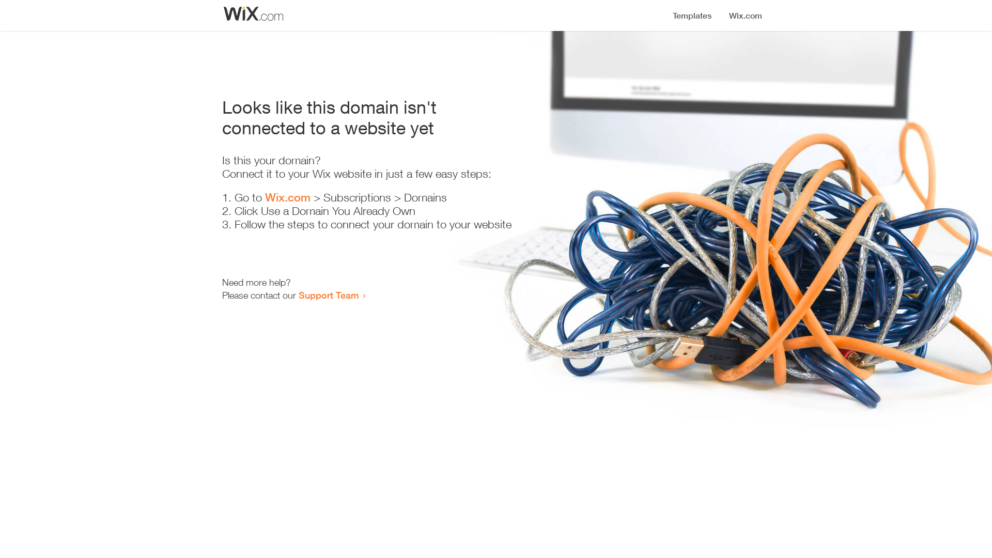 Image resolution: width=992 pixels, height=558 pixels. Describe the element at coordinates (328, 295) in the screenshot. I see `'Support Team'` at that location.